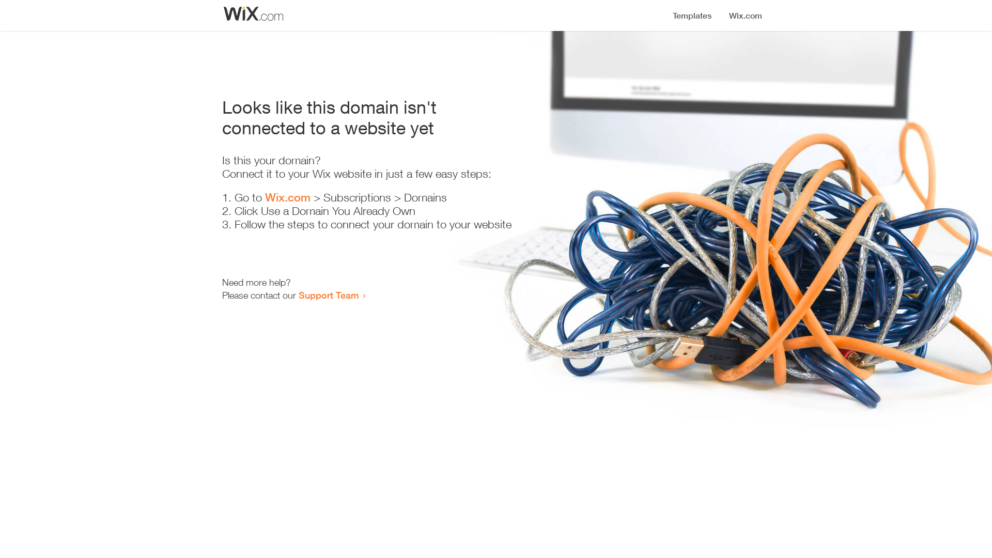 Image resolution: width=992 pixels, height=558 pixels. Describe the element at coordinates (328, 295) in the screenshot. I see `'Support Team'` at that location.